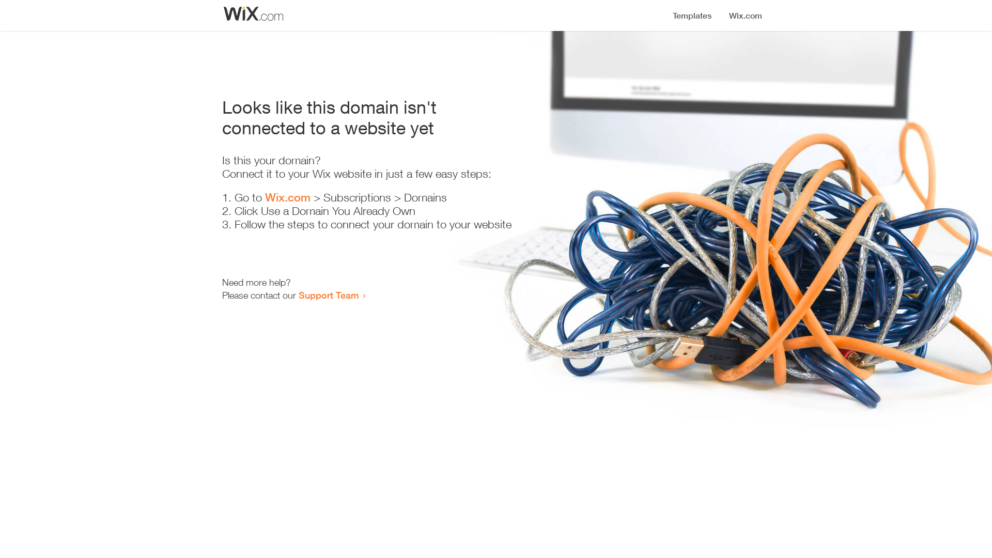 Image resolution: width=992 pixels, height=558 pixels. Describe the element at coordinates (328, 295) in the screenshot. I see `'Support Team'` at that location.